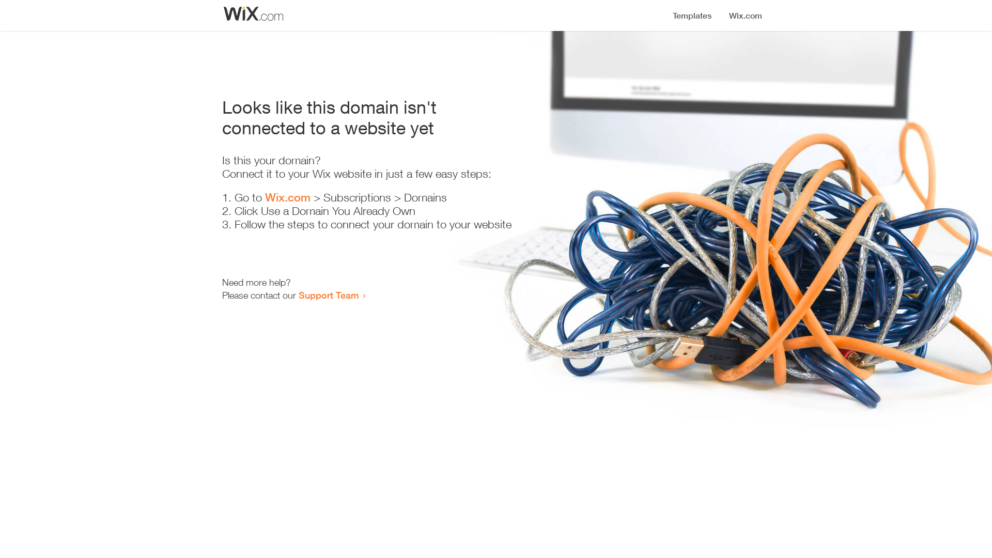 Image resolution: width=992 pixels, height=558 pixels. Describe the element at coordinates (328, 295) in the screenshot. I see `'Support Team'` at that location.